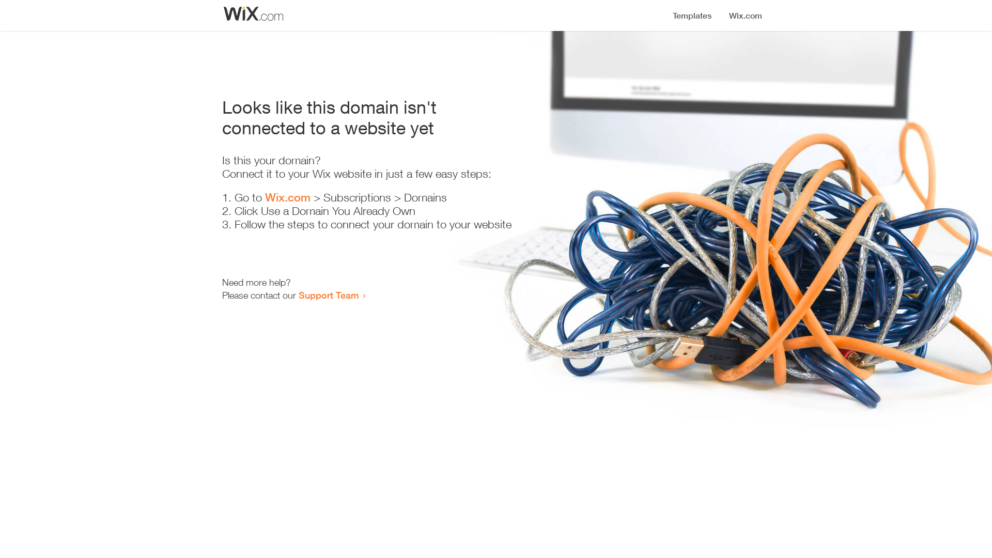 Image resolution: width=992 pixels, height=558 pixels. Describe the element at coordinates (328, 295) in the screenshot. I see `'Support Team'` at that location.